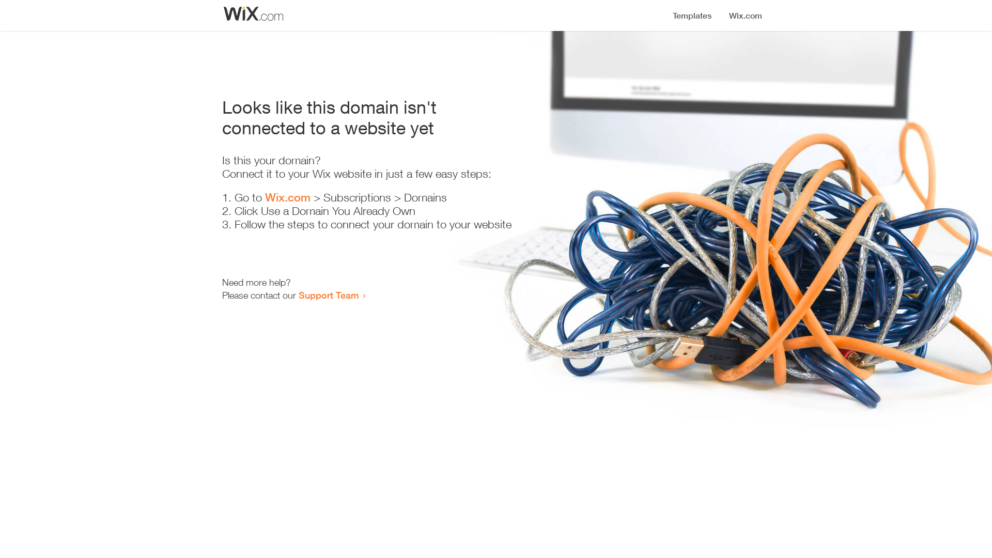 Image resolution: width=992 pixels, height=558 pixels. Describe the element at coordinates (328, 295) in the screenshot. I see `'Support Team'` at that location.